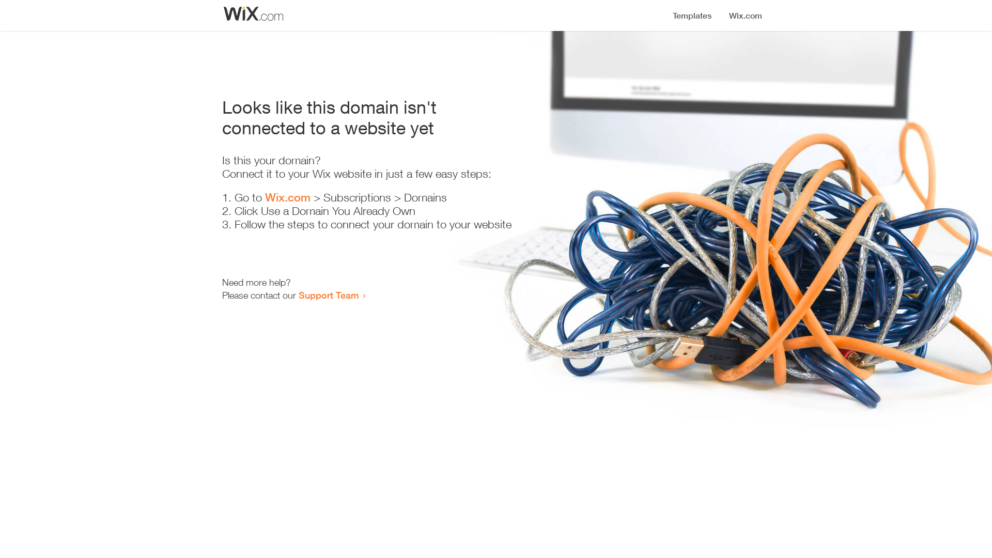 Image resolution: width=992 pixels, height=558 pixels. Describe the element at coordinates (328, 295) in the screenshot. I see `'Support Team'` at that location.